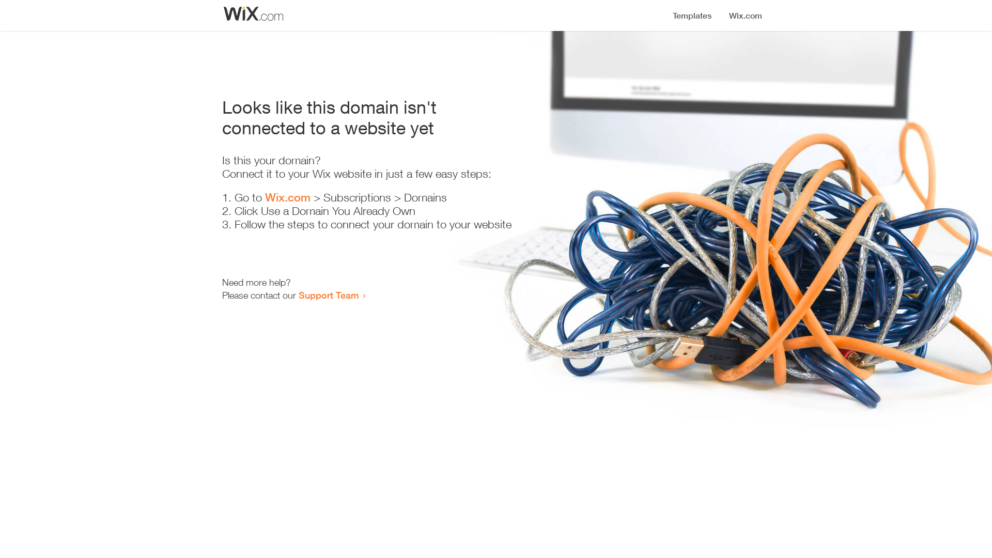 Image resolution: width=992 pixels, height=558 pixels. Describe the element at coordinates (328, 295) in the screenshot. I see `'Support Team'` at that location.